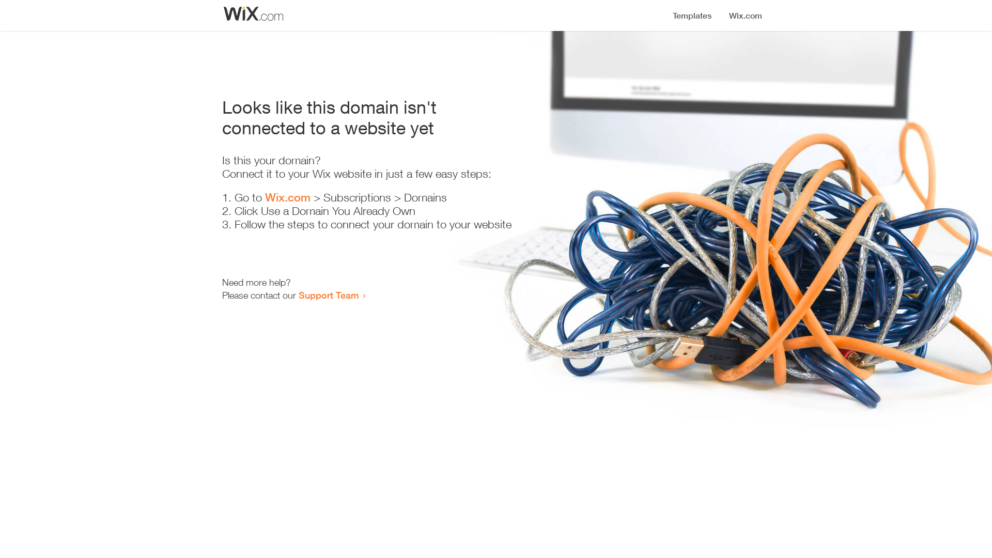 Image resolution: width=992 pixels, height=558 pixels. Describe the element at coordinates (328, 295) in the screenshot. I see `'Support Team'` at that location.